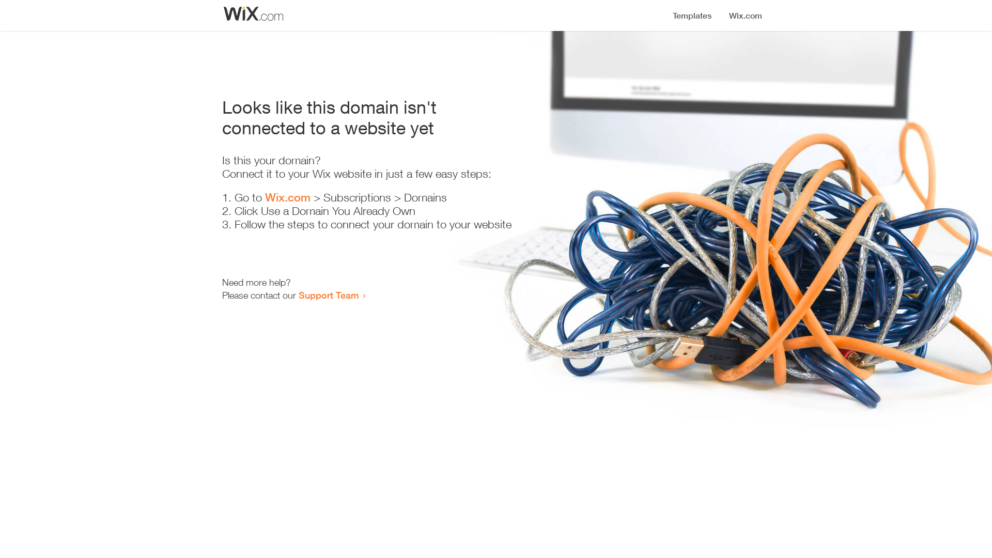 Image resolution: width=992 pixels, height=558 pixels. Describe the element at coordinates (328, 295) in the screenshot. I see `'Support Team'` at that location.